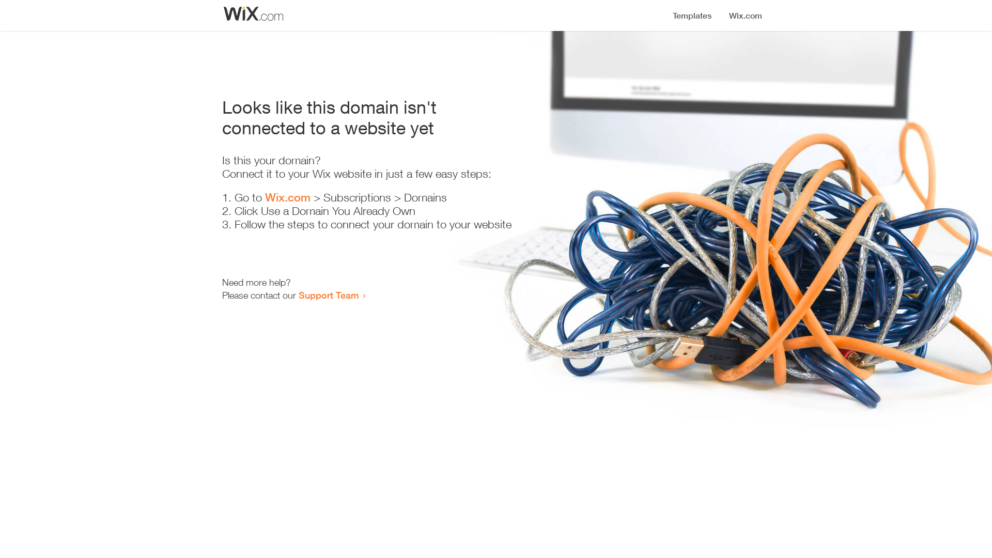 Image resolution: width=992 pixels, height=558 pixels. Describe the element at coordinates (328, 295) in the screenshot. I see `'Support Team'` at that location.